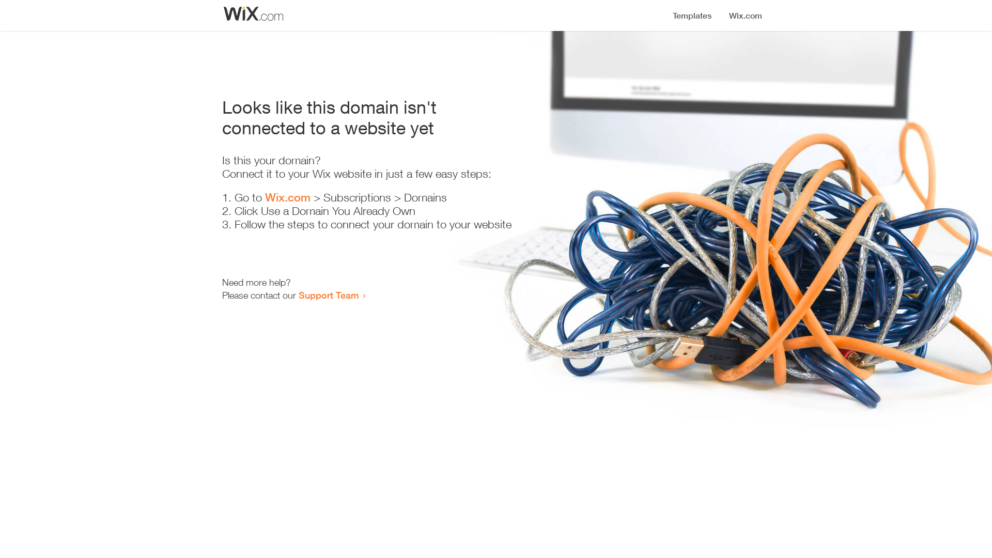 Image resolution: width=992 pixels, height=558 pixels. Describe the element at coordinates (328, 295) in the screenshot. I see `'Support Team'` at that location.